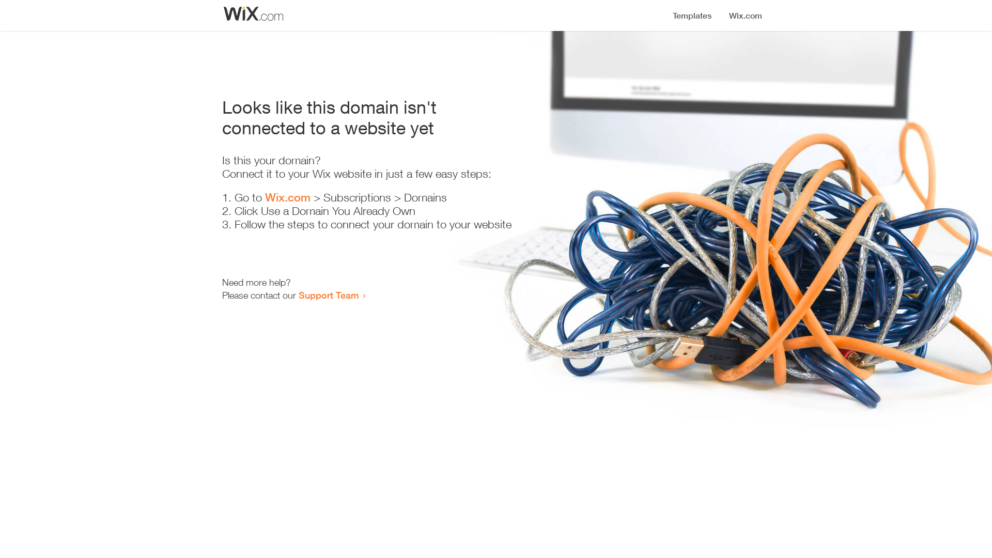 Image resolution: width=992 pixels, height=558 pixels. Describe the element at coordinates (328, 295) in the screenshot. I see `'Support Team'` at that location.